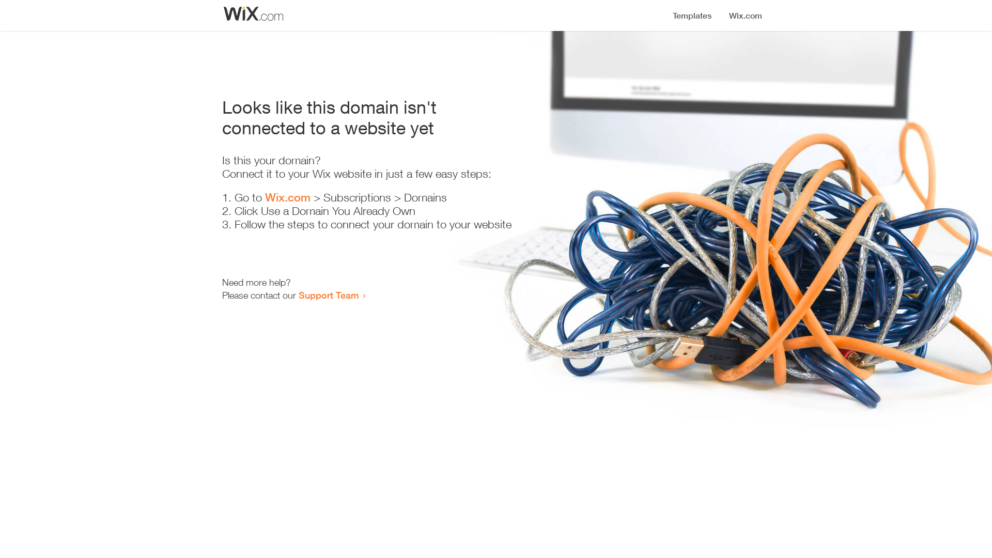 Image resolution: width=992 pixels, height=558 pixels. Describe the element at coordinates (328, 295) in the screenshot. I see `'Support Team'` at that location.